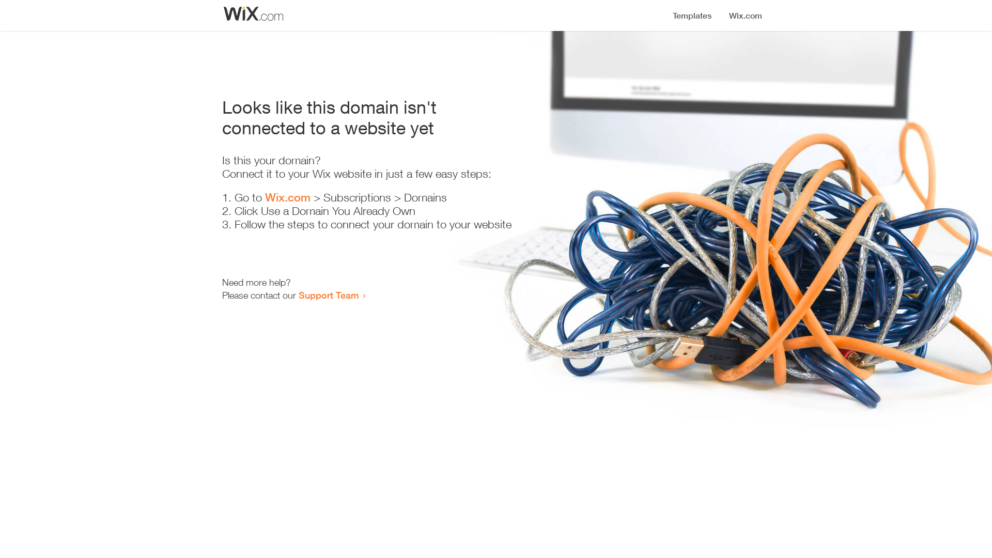 Image resolution: width=992 pixels, height=558 pixels. Describe the element at coordinates (328, 295) in the screenshot. I see `'Support Team'` at that location.